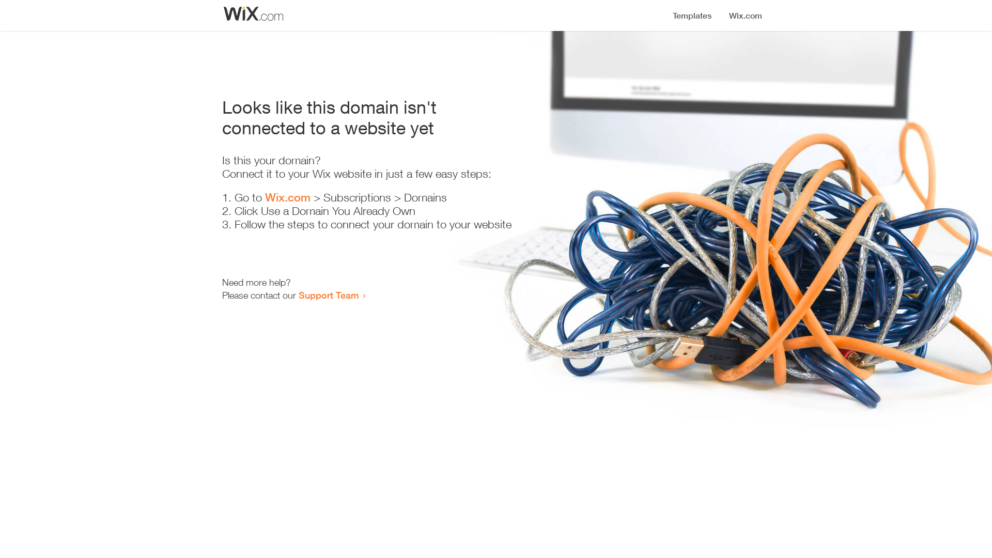 Image resolution: width=992 pixels, height=558 pixels. Describe the element at coordinates (328, 295) in the screenshot. I see `'Support Team'` at that location.